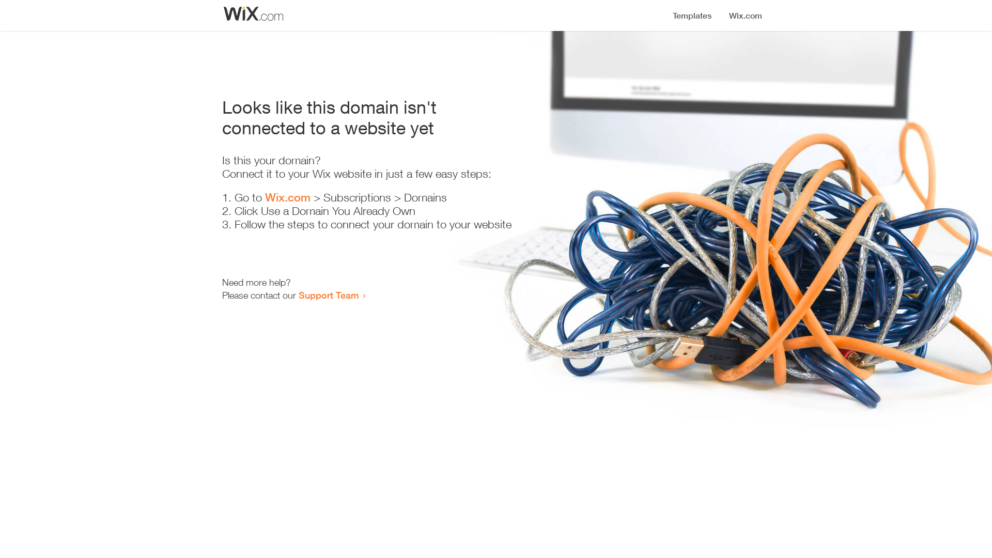 Image resolution: width=992 pixels, height=558 pixels. Describe the element at coordinates (328, 295) in the screenshot. I see `'Support Team'` at that location.